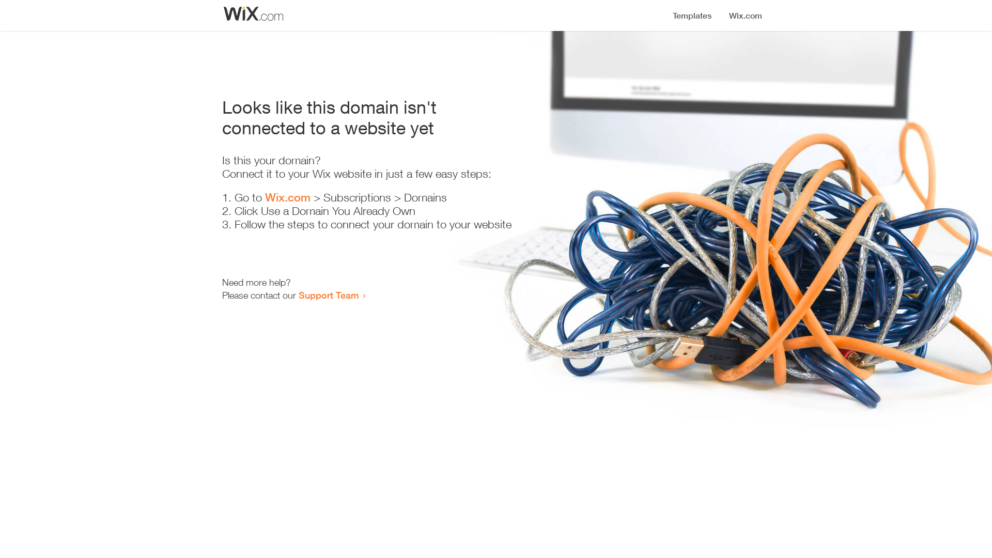 Image resolution: width=992 pixels, height=558 pixels. Describe the element at coordinates (328, 295) in the screenshot. I see `'Support Team'` at that location.